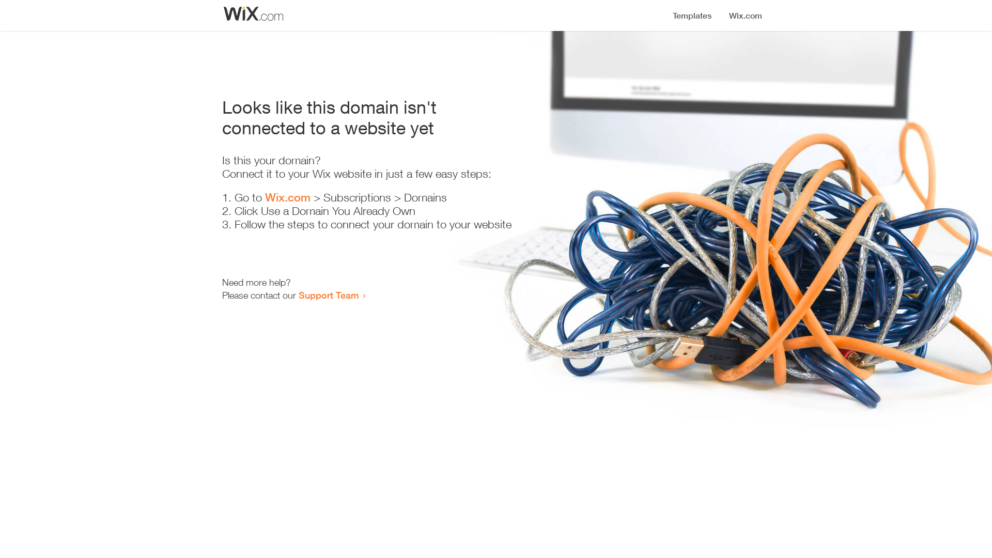 Image resolution: width=992 pixels, height=558 pixels. Describe the element at coordinates (328, 295) in the screenshot. I see `'Support Team'` at that location.